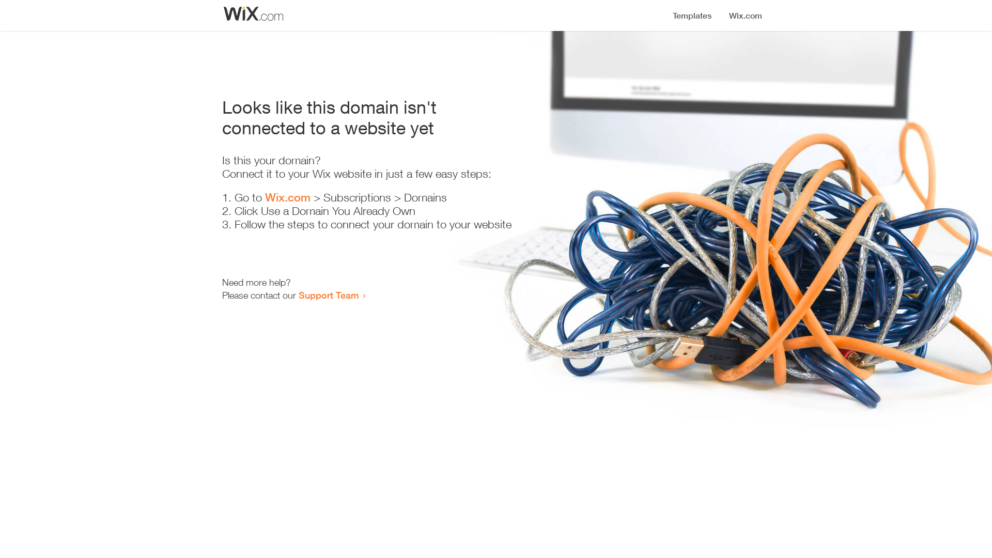 Image resolution: width=992 pixels, height=558 pixels. Describe the element at coordinates (328, 295) in the screenshot. I see `'Support Team'` at that location.